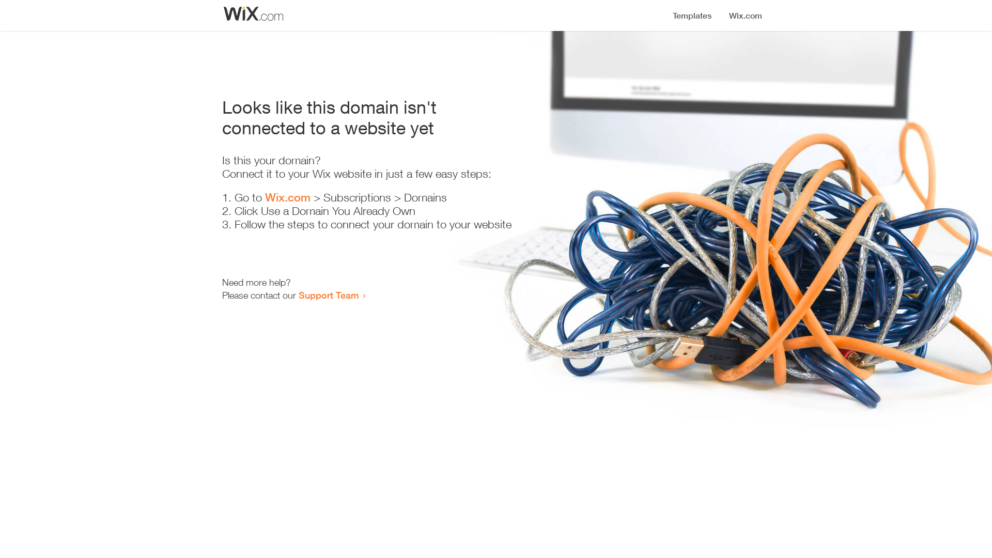 Image resolution: width=992 pixels, height=558 pixels. Describe the element at coordinates (328, 295) in the screenshot. I see `'Support Team'` at that location.